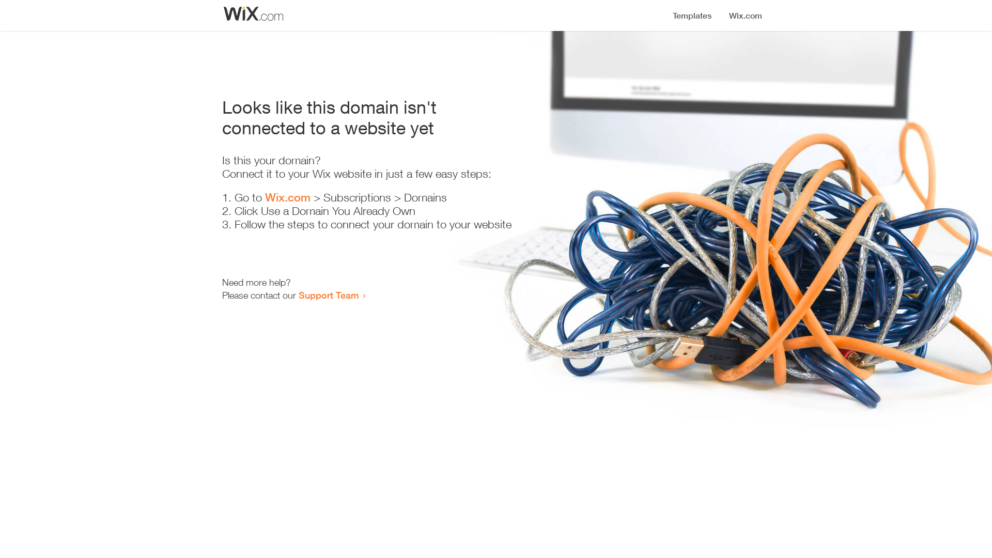 Image resolution: width=992 pixels, height=558 pixels. Describe the element at coordinates (328, 295) in the screenshot. I see `'Support Team'` at that location.